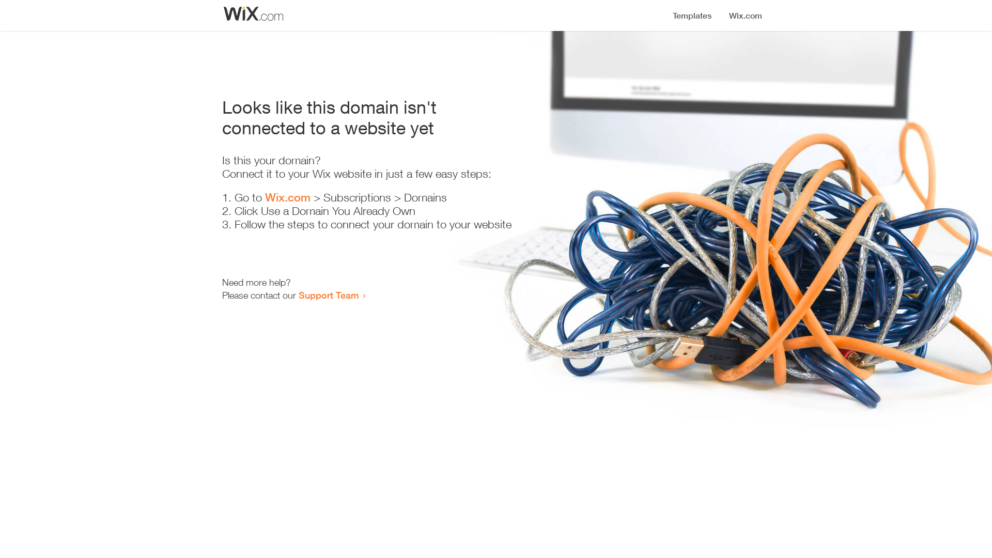 Image resolution: width=992 pixels, height=558 pixels. Describe the element at coordinates (328, 295) in the screenshot. I see `'Support Team'` at that location.